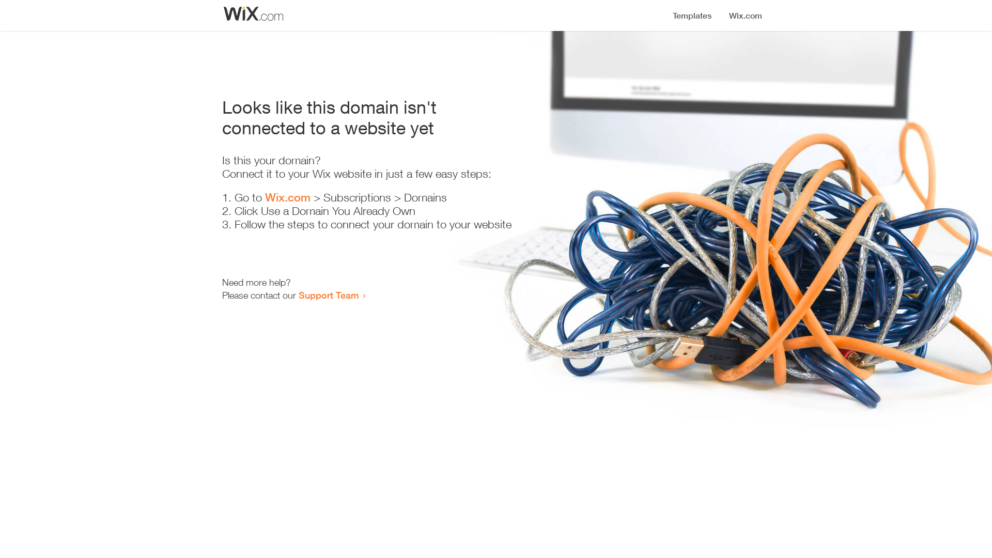 Image resolution: width=992 pixels, height=558 pixels. Describe the element at coordinates (328, 295) in the screenshot. I see `'Support Team'` at that location.